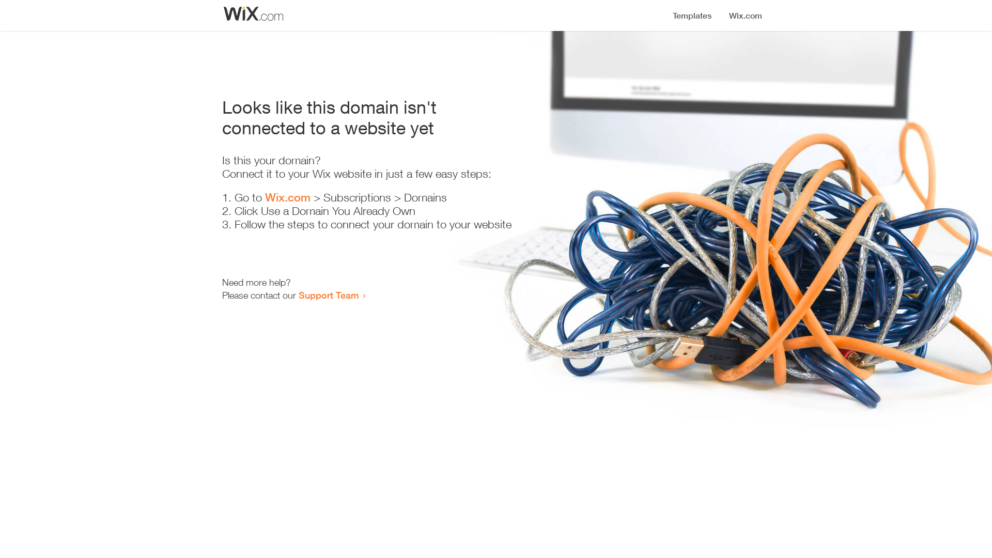 Image resolution: width=992 pixels, height=558 pixels. Describe the element at coordinates (328, 295) in the screenshot. I see `'Support Team'` at that location.